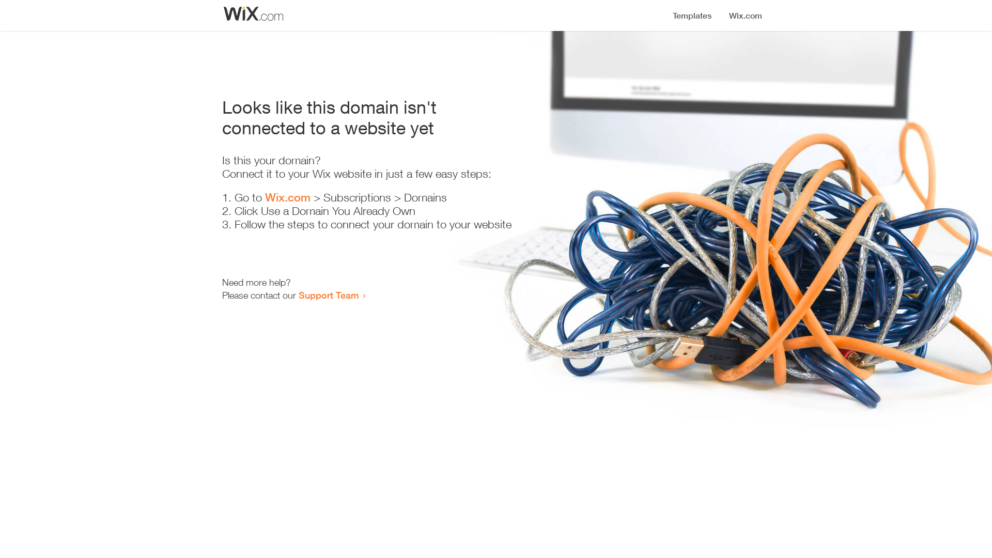 Image resolution: width=992 pixels, height=558 pixels. Describe the element at coordinates (328, 295) in the screenshot. I see `'Support Team'` at that location.